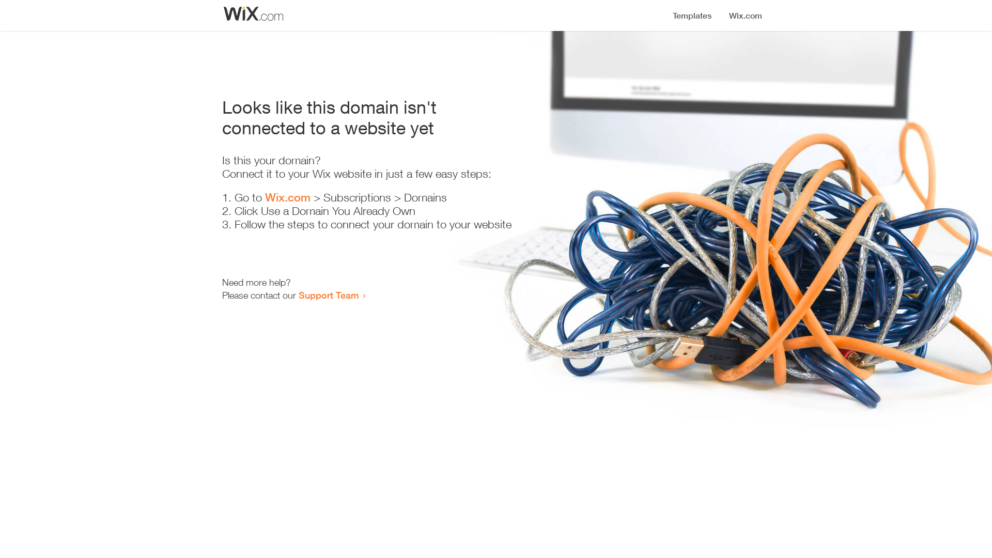 Image resolution: width=992 pixels, height=558 pixels. Describe the element at coordinates (328, 295) in the screenshot. I see `'Support Team'` at that location.